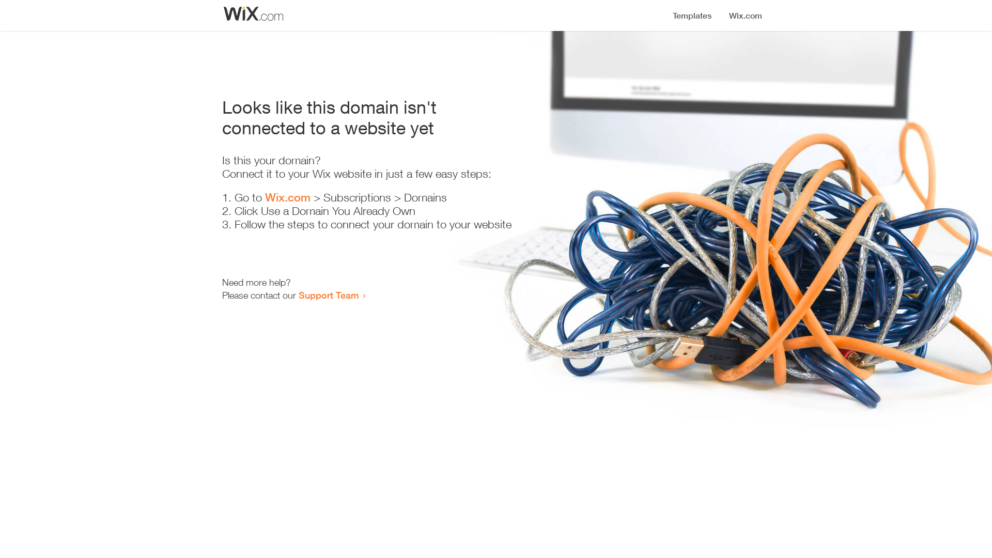 Image resolution: width=992 pixels, height=558 pixels. Describe the element at coordinates (328, 295) in the screenshot. I see `'Support Team'` at that location.